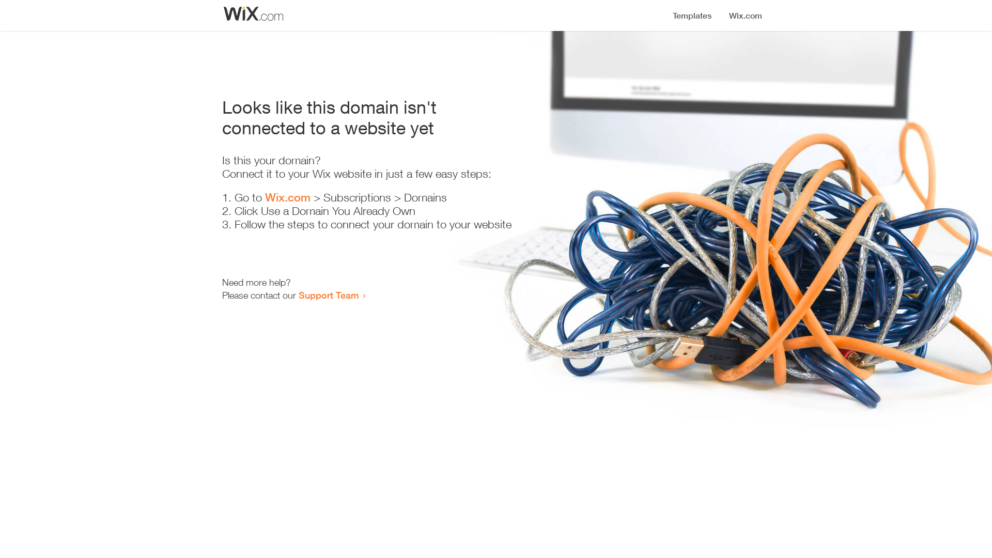 Image resolution: width=992 pixels, height=558 pixels. Describe the element at coordinates (328, 295) in the screenshot. I see `'Support Team'` at that location.